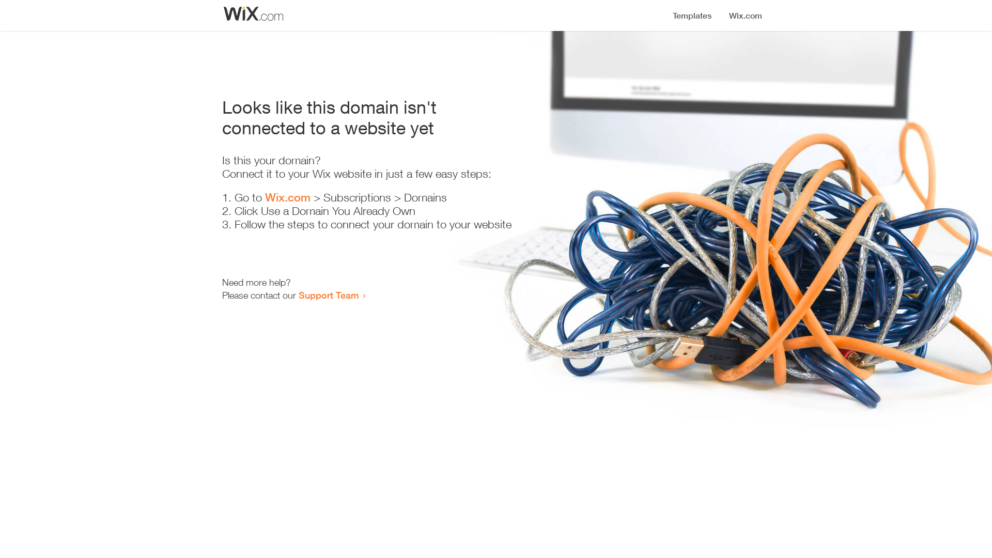 Image resolution: width=992 pixels, height=558 pixels. Describe the element at coordinates (328, 295) in the screenshot. I see `'Support Team'` at that location.